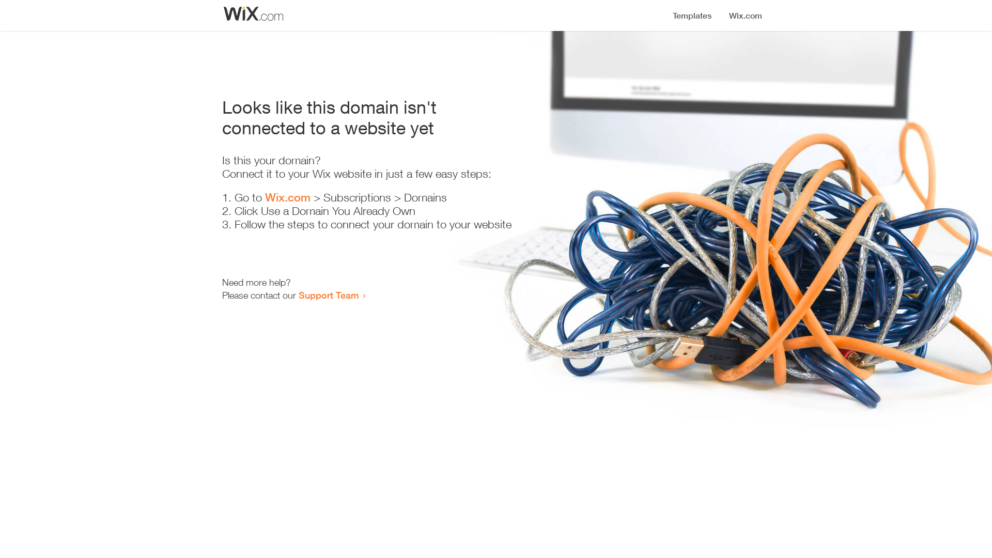 Image resolution: width=992 pixels, height=558 pixels. Describe the element at coordinates (328, 295) in the screenshot. I see `'Support Team'` at that location.